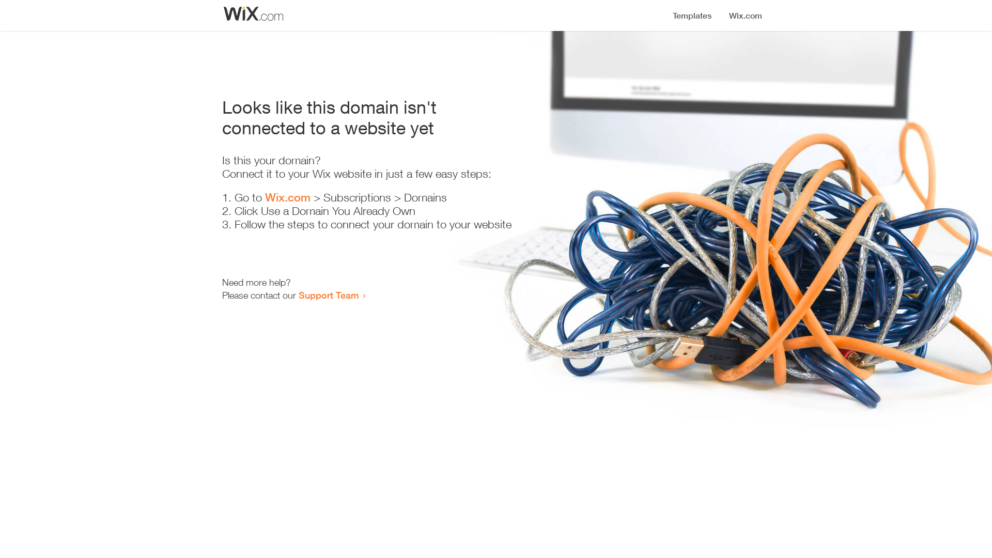 Image resolution: width=992 pixels, height=558 pixels. Describe the element at coordinates (328, 295) in the screenshot. I see `'Support Team'` at that location.